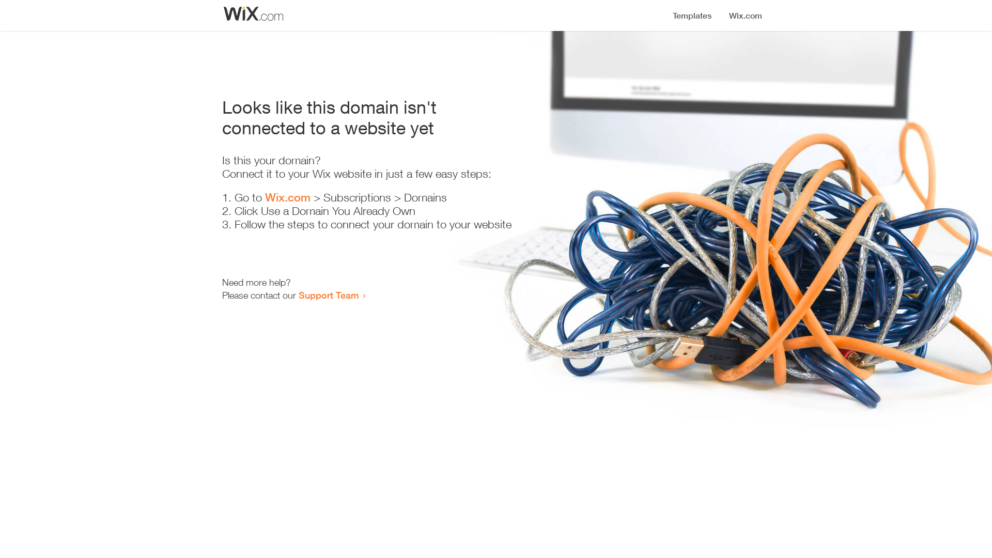 Image resolution: width=992 pixels, height=558 pixels. Describe the element at coordinates (328, 295) in the screenshot. I see `'Support Team'` at that location.